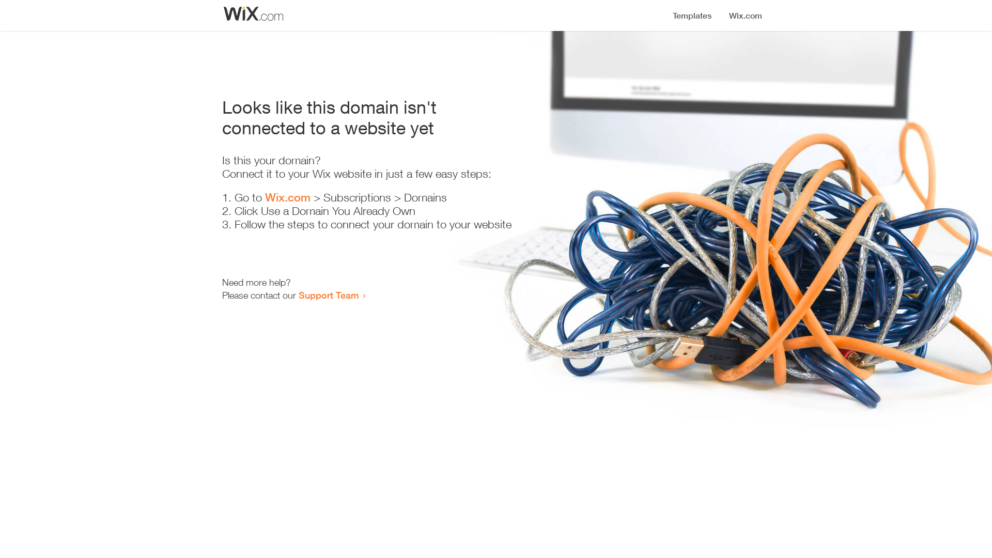 Image resolution: width=992 pixels, height=558 pixels. Describe the element at coordinates (328, 295) in the screenshot. I see `'Support Team'` at that location.